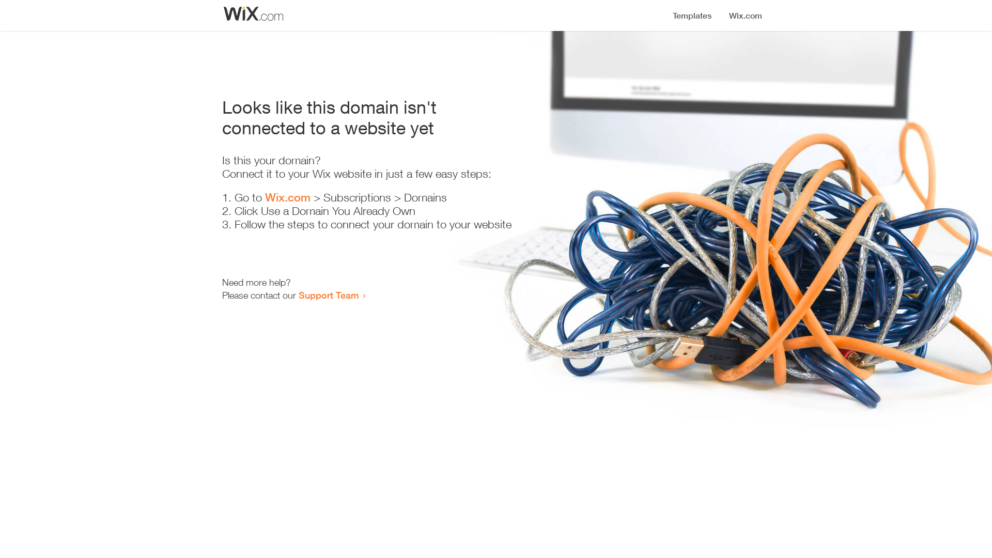 Image resolution: width=992 pixels, height=558 pixels. Describe the element at coordinates (328, 295) in the screenshot. I see `'Support Team'` at that location.